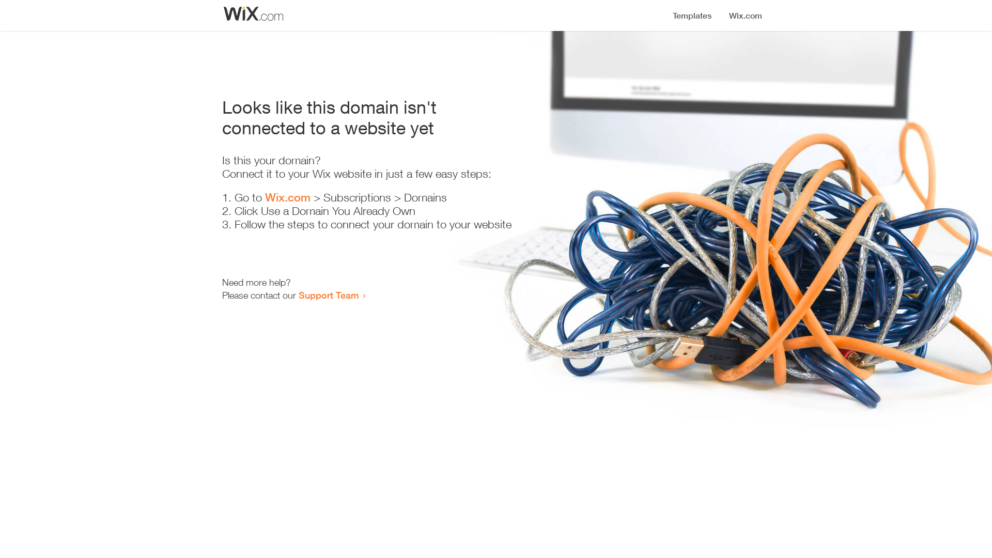 Image resolution: width=992 pixels, height=558 pixels. Describe the element at coordinates (328, 295) in the screenshot. I see `'Support Team'` at that location.